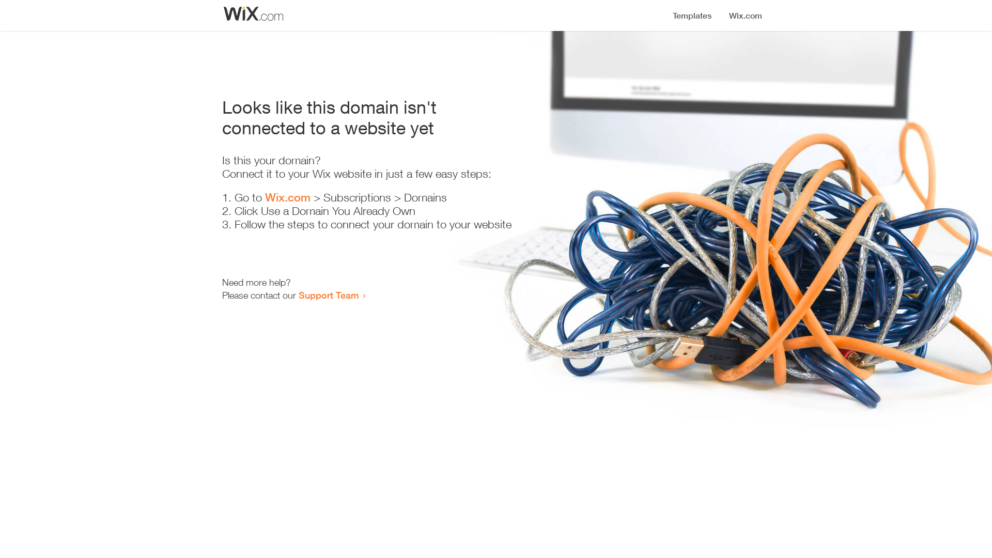 Image resolution: width=992 pixels, height=558 pixels. Describe the element at coordinates (328, 295) in the screenshot. I see `'Support Team'` at that location.